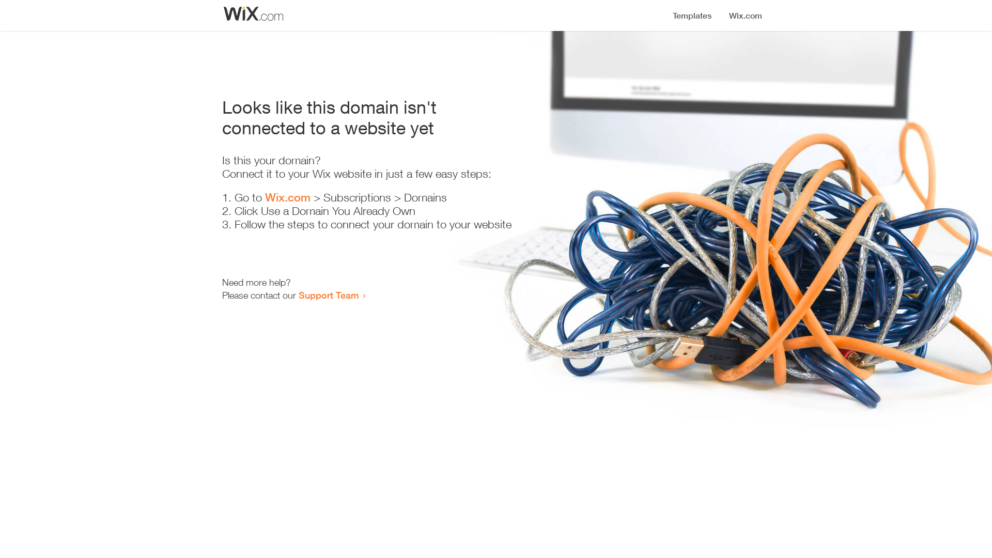 Image resolution: width=992 pixels, height=558 pixels. Describe the element at coordinates (328, 295) in the screenshot. I see `'Support Team'` at that location.